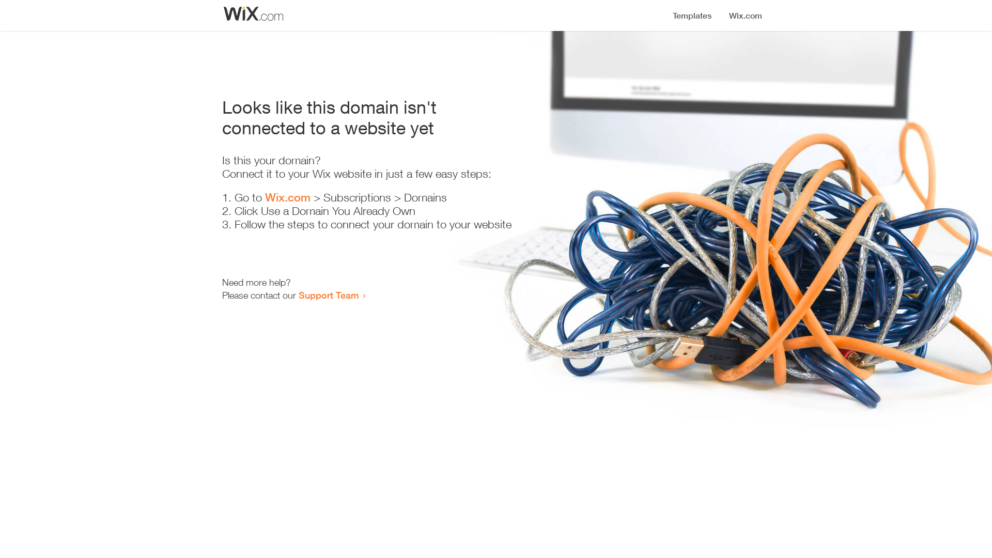 Image resolution: width=992 pixels, height=558 pixels. Describe the element at coordinates (328, 295) in the screenshot. I see `'Support Team'` at that location.